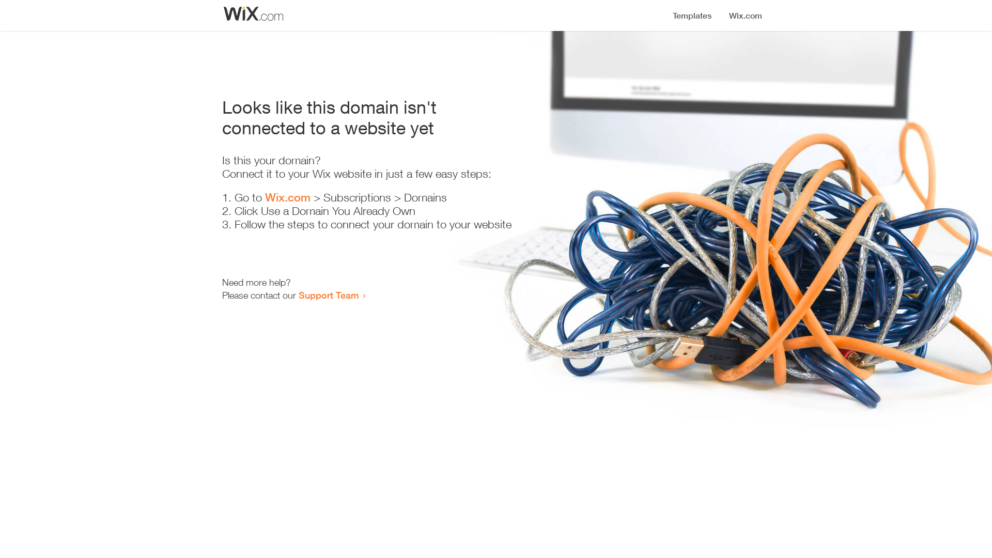 Image resolution: width=992 pixels, height=558 pixels. Describe the element at coordinates (328, 295) in the screenshot. I see `'Support Team'` at that location.